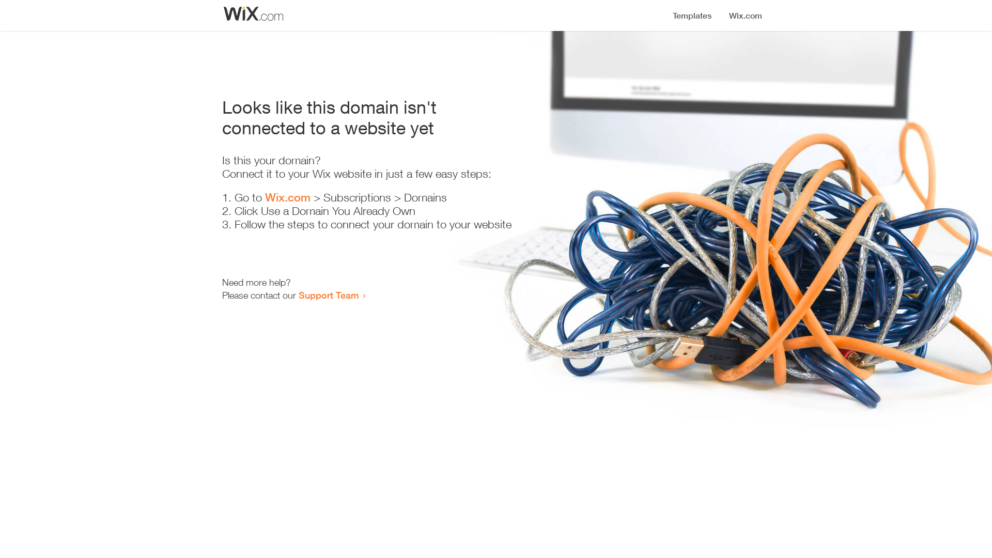 Image resolution: width=992 pixels, height=558 pixels. Describe the element at coordinates (328, 295) in the screenshot. I see `'Support Team'` at that location.